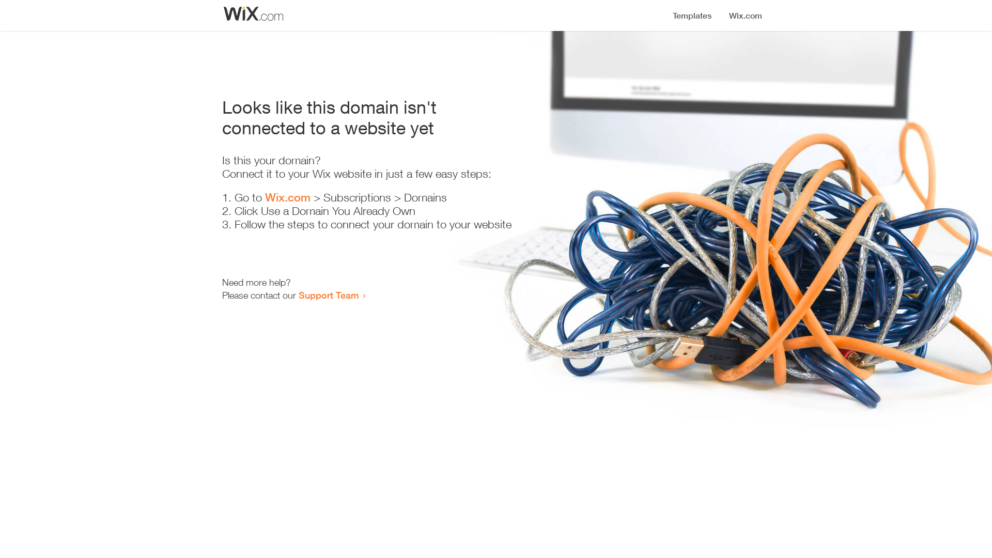 Image resolution: width=992 pixels, height=558 pixels. Describe the element at coordinates (328, 295) in the screenshot. I see `'Support Team'` at that location.